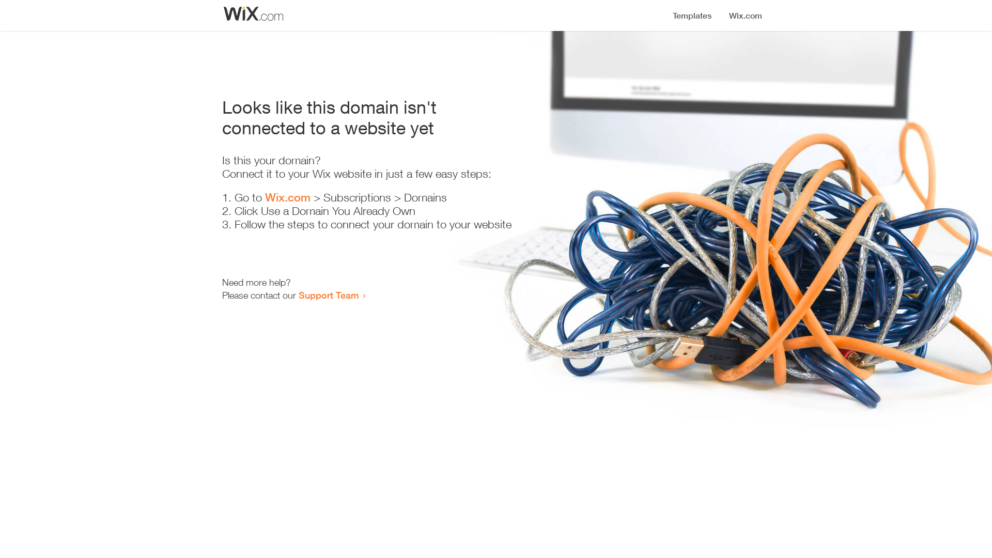 Image resolution: width=992 pixels, height=558 pixels. Describe the element at coordinates (328, 295) in the screenshot. I see `'Support Team'` at that location.